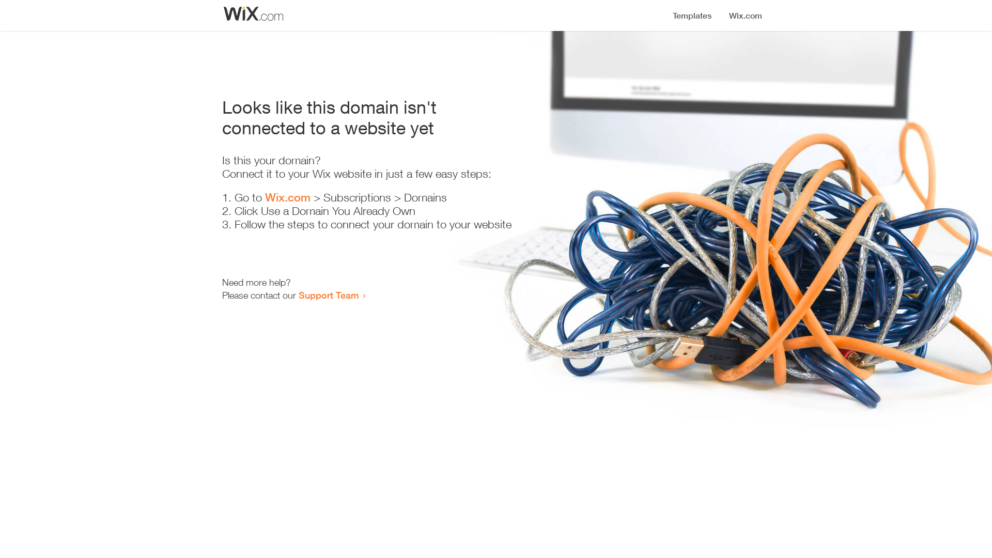 Image resolution: width=992 pixels, height=558 pixels. Describe the element at coordinates (328, 295) in the screenshot. I see `'Support Team'` at that location.